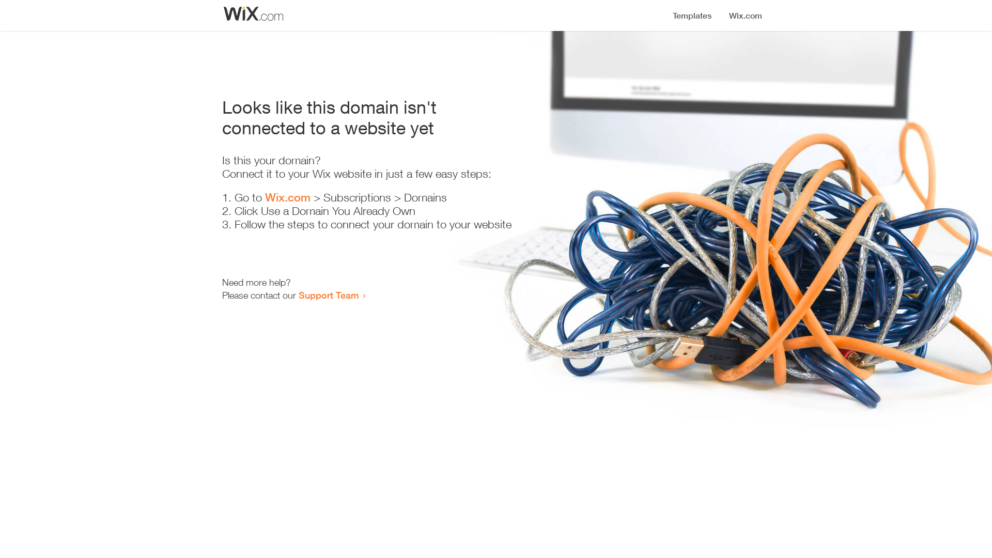 Image resolution: width=992 pixels, height=558 pixels. Describe the element at coordinates (328, 295) in the screenshot. I see `'Support Team'` at that location.